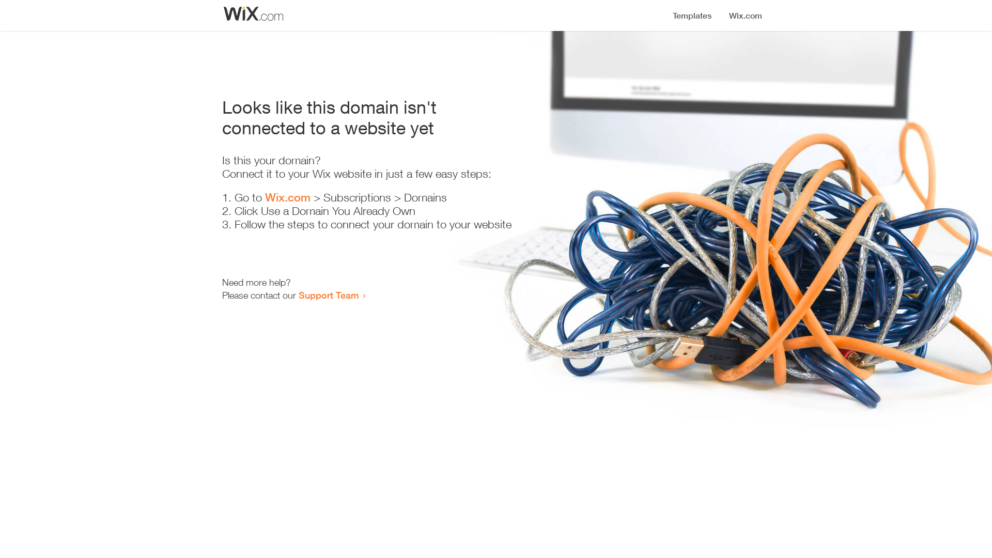 Image resolution: width=992 pixels, height=558 pixels. Describe the element at coordinates (328, 295) in the screenshot. I see `'Support Team'` at that location.